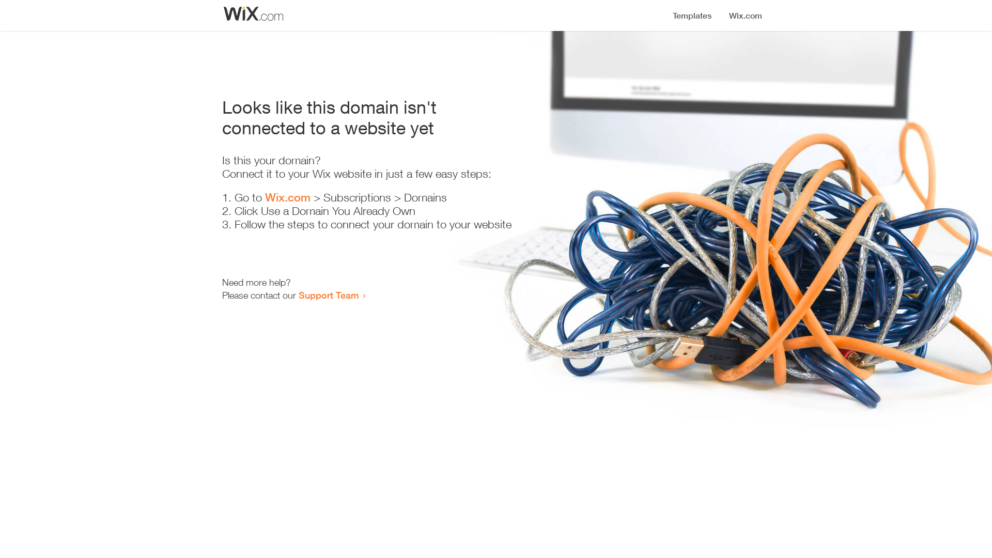 Image resolution: width=992 pixels, height=558 pixels. Describe the element at coordinates (328, 295) in the screenshot. I see `'Support Team'` at that location.